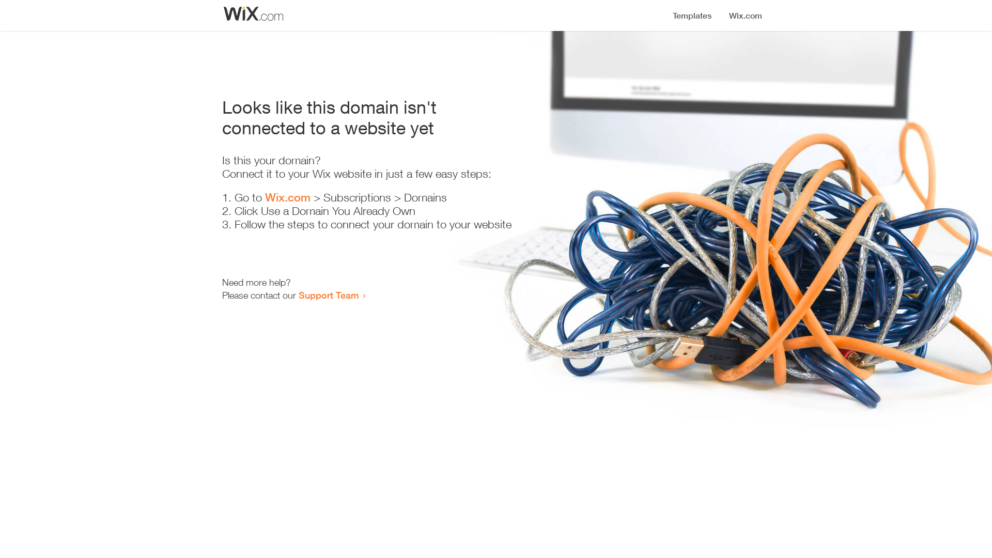 Image resolution: width=992 pixels, height=558 pixels. Describe the element at coordinates (328, 295) in the screenshot. I see `'Support Team'` at that location.